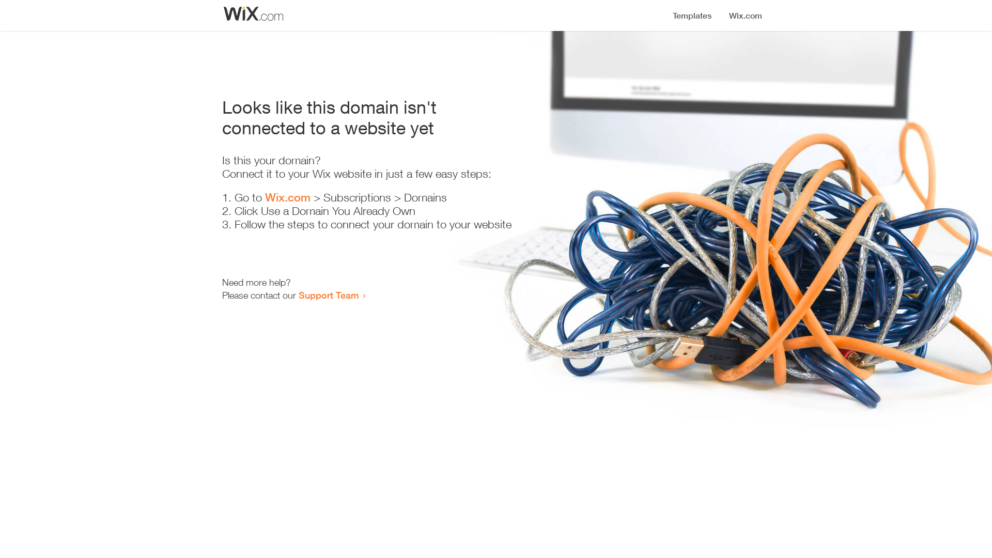 Image resolution: width=992 pixels, height=558 pixels. Describe the element at coordinates (328, 295) in the screenshot. I see `'Support Team'` at that location.